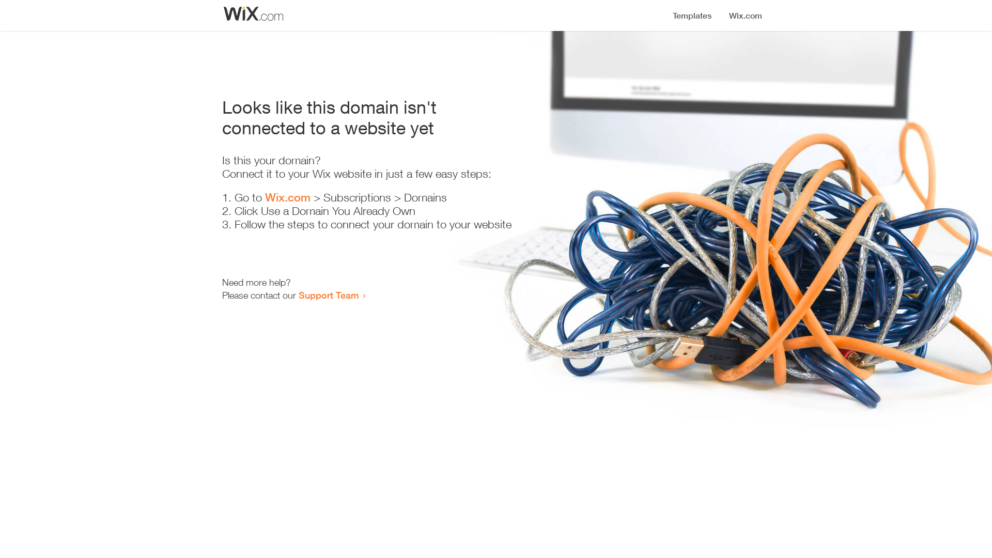 Image resolution: width=992 pixels, height=558 pixels. Describe the element at coordinates (328, 295) in the screenshot. I see `'Support Team'` at that location.